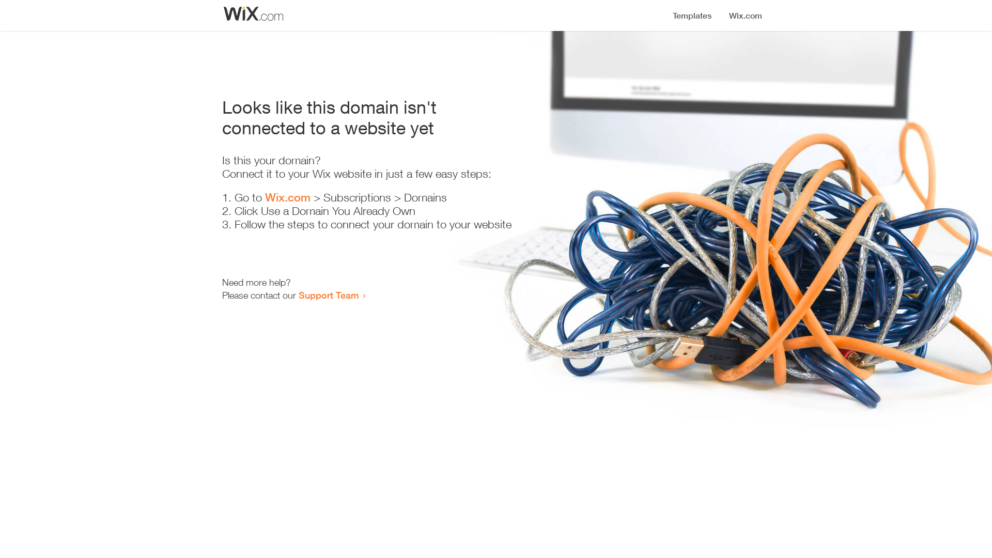 Image resolution: width=992 pixels, height=558 pixels. Describe the element at coordinates (328, 295) in the screenshot. I see `'Support Team'` at that location.